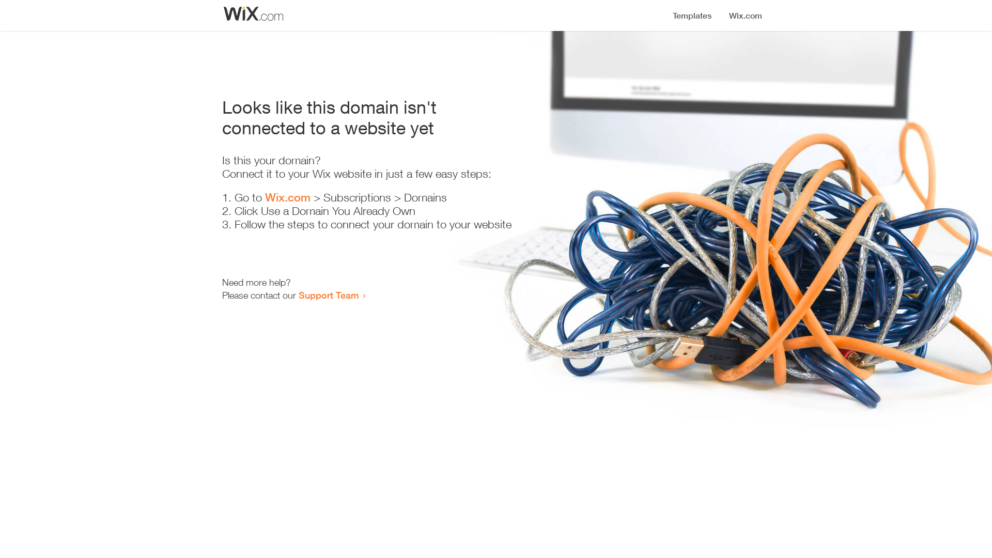 Image resolution: width=992 pixels, height=558 pixels. Describe the element at coordinates (328, 295) in the screenshot. I see `'Support Team'` at that location.